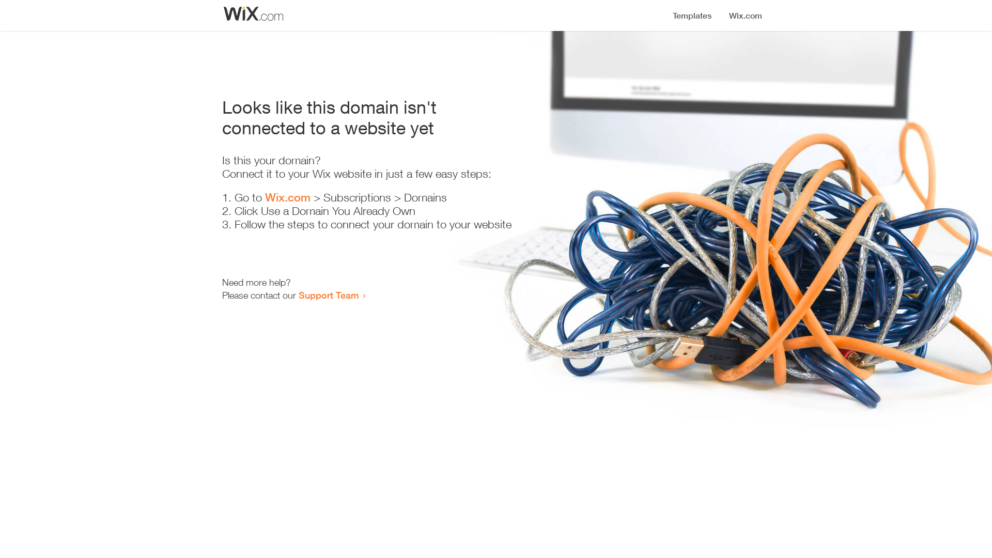 Image resolution: width=992 pixels, height=558 pixels. Describe the element at coordinates (328, 295) in the screenshot. I see `'Support Team'` at that location.